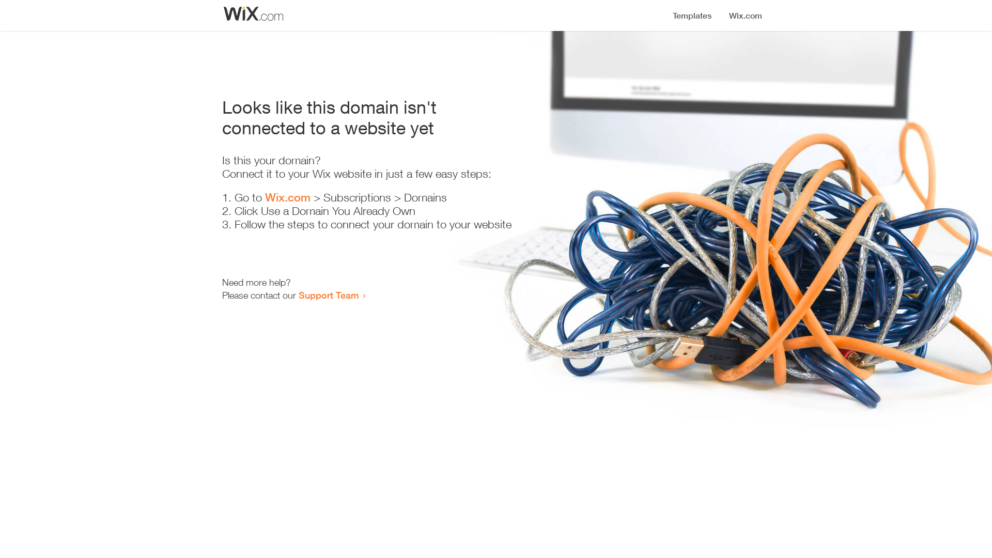 Image resolution: width=992 pixels, height=558 pixels. Describe the element at coordinates (328, 295) in the screenshot. I see `'Support Team'` at that location.